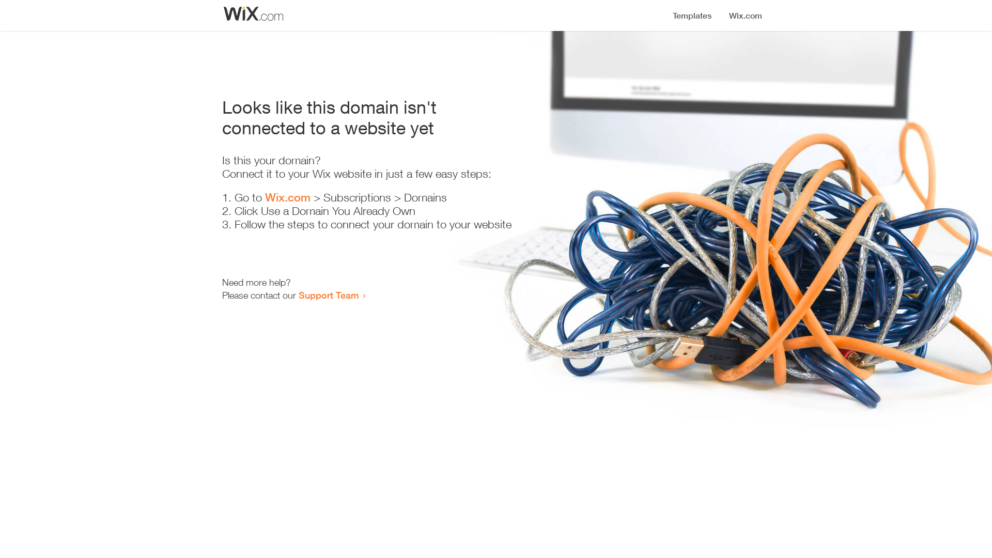 Image resolution: width=992 pixels, height=558 pixels. Describe the element at coordinates (328, 295) in the screenshot. I see `'Support Team'` at that location.